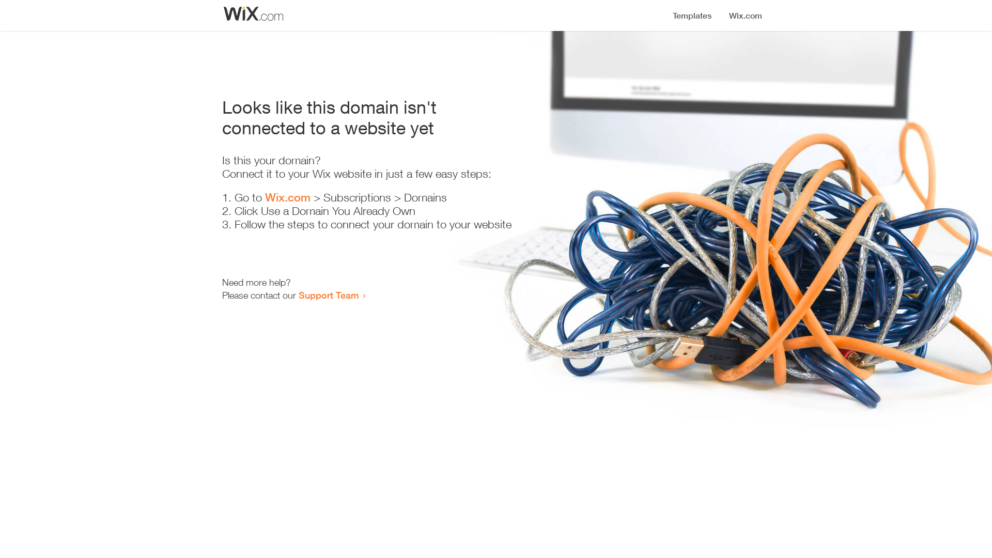 Image resolution: width=992 pixels, height=558 pixels. Describe the element at coordinates (328, 295) in the screenshot. I see `'Support Team'` at that location.